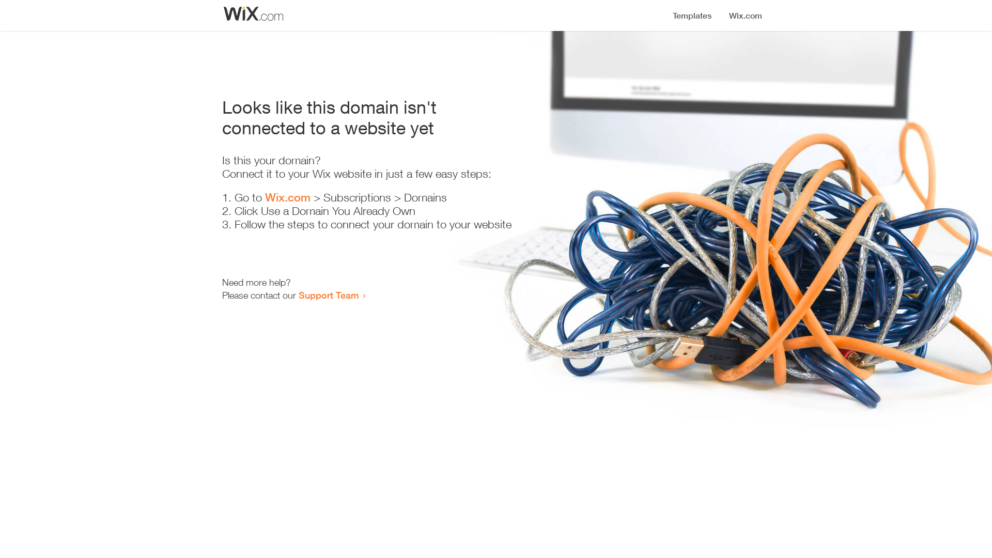 Image resolution: width=992 pixels, height=558 pixels. Describe the element at coordinates (328, 295) in the screenshot. I see `'Support Team'` at that location.